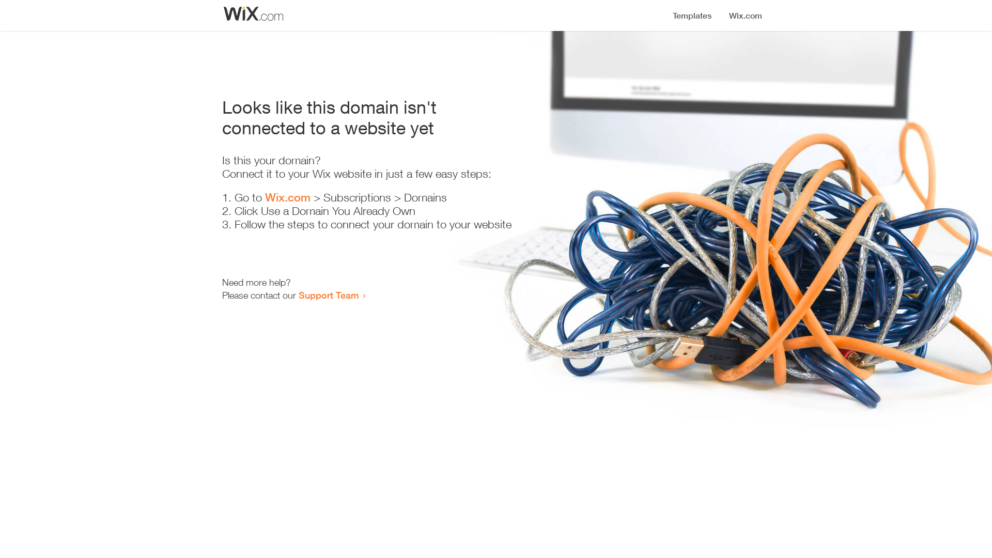 Image resolution: width=992 pixels, height=558 pixels. Describe the element at coordinates (328, 295) in the screenshot. I see `'Support Team'` at that location.